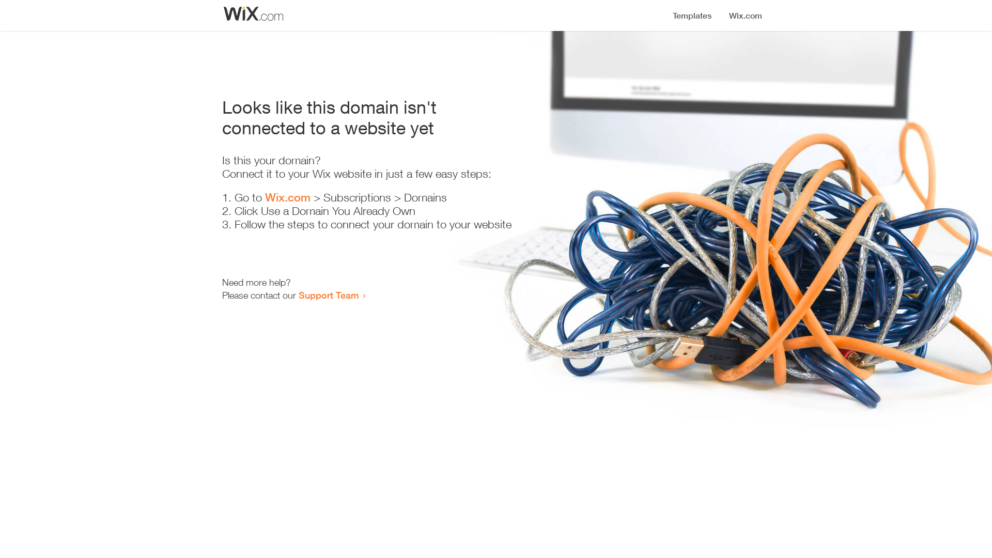 Image resolution: width=992 pixels, height=558 pixels. Describe the element at coordinates (328, 295) in the screenshot. I see `'Support Team'` at that location.